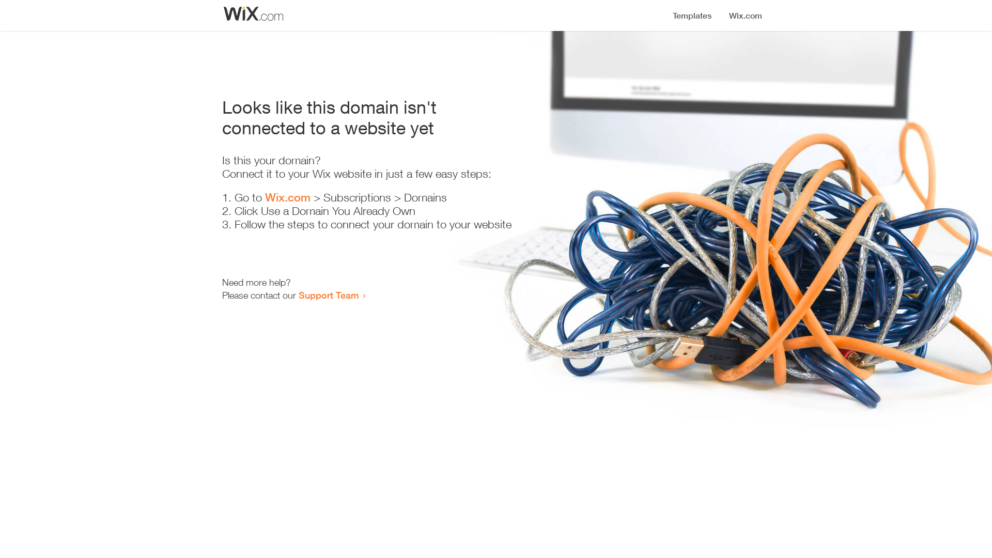 Image resolution: width=992 pixels, height=558 pixels. Describe the element at coordinates (328, 295) in the screenshot. I see `'Support Team'` at that location.